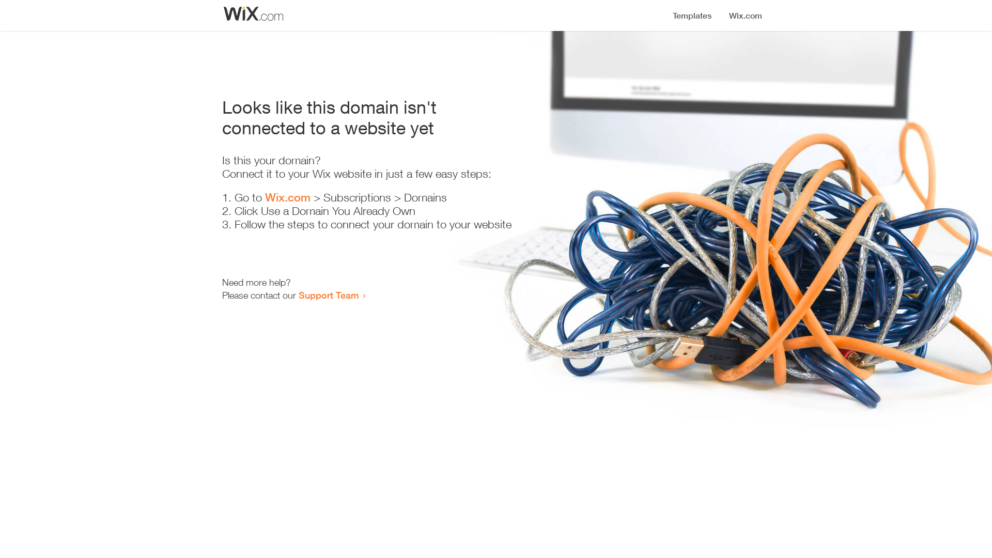 Image resolution: width=992 pixels, height=558 pixels. Describe the element at coordinates (328, 295) in the screenshot. I see `'Support Team'` at that location.